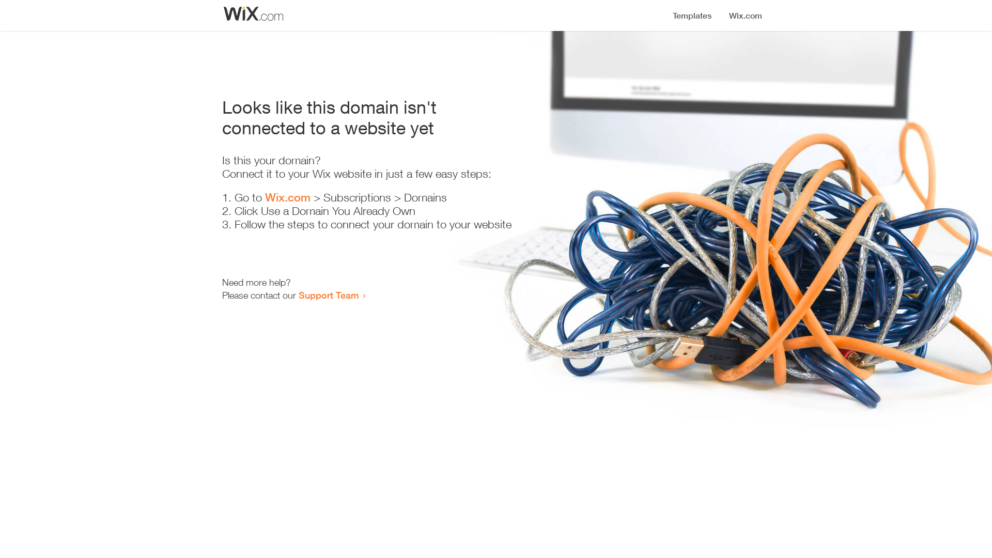 Image resolution: width=992 pixels, height=558 pixels. Describe the element at coordinates (328, 295) in the screenshot. I see `'Support Team'` at that location.